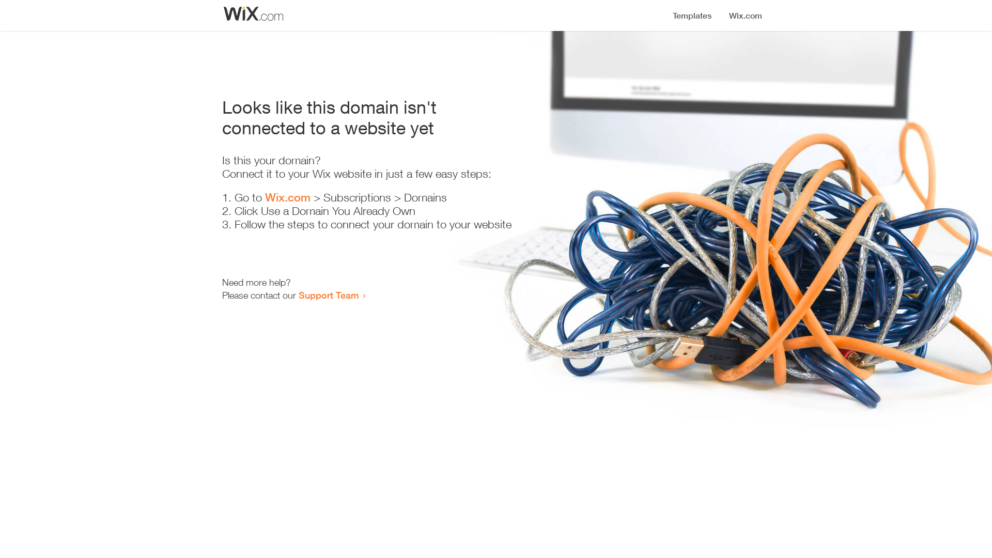 Image resolution: width=992 pixels, height=558 pixels. Describe the element at coordinates (328, 295) in the screenshot. I see `'Support Team'` at that location.